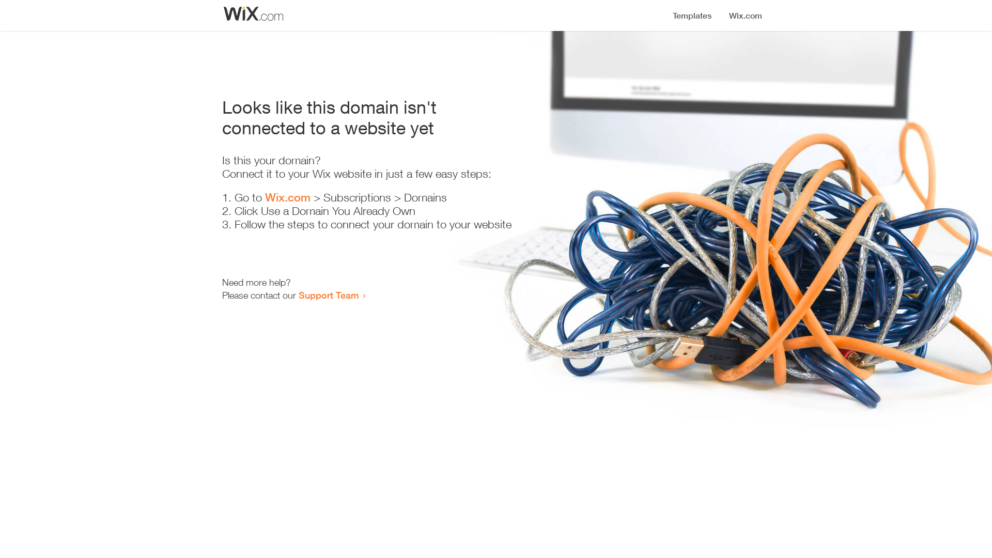 Image resolution: width=992 pixels, height=558 pixels. Describe the element at coordinates (328, 295) in the screenshot. I see `'Support Team'` at that location.